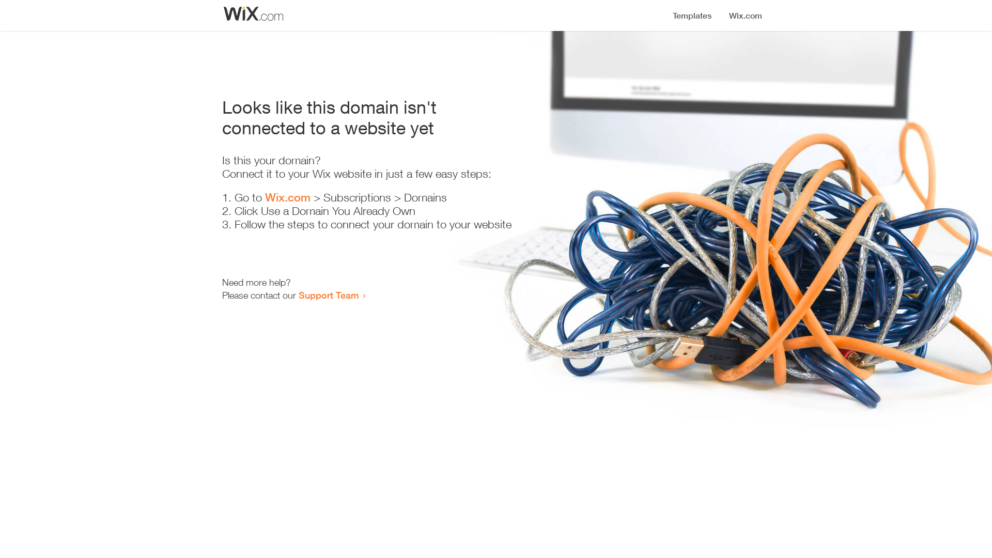 Image resolution: width=992 pixels, height=558 pixels. Describe the element at coordinates (328, 295) in the screenshot. I see `'Support Team'` at that location.